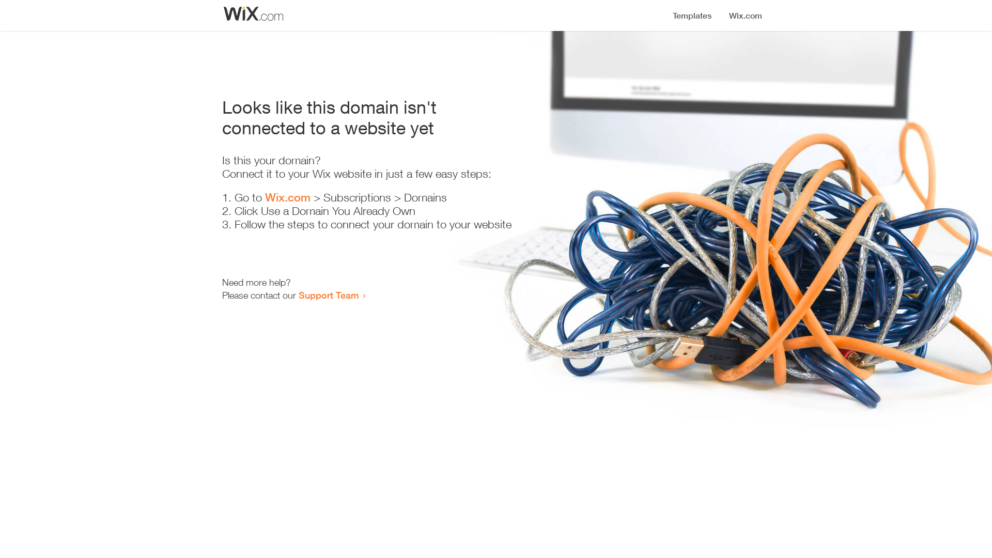 Image resolution: width=992 pixels, height=558 pixels. Describe the element at coordinates (328, 295) in the screenshot. I see `'Support Team'` at that location.